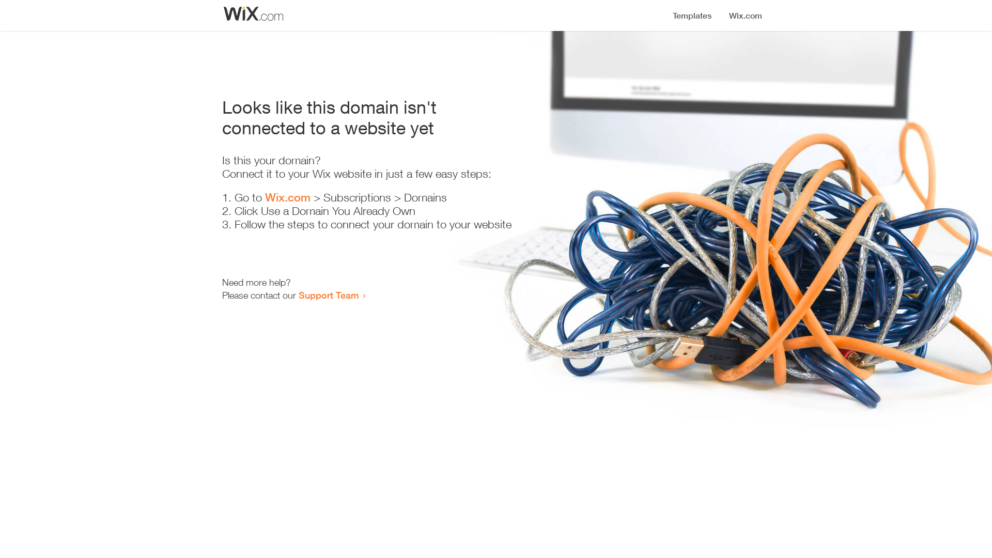 Image resolution: width=992 pixels, height=558 pixels. Describe the element at coordinates (328, 295) in the screenshot. I see `'Support Team'` at that location.